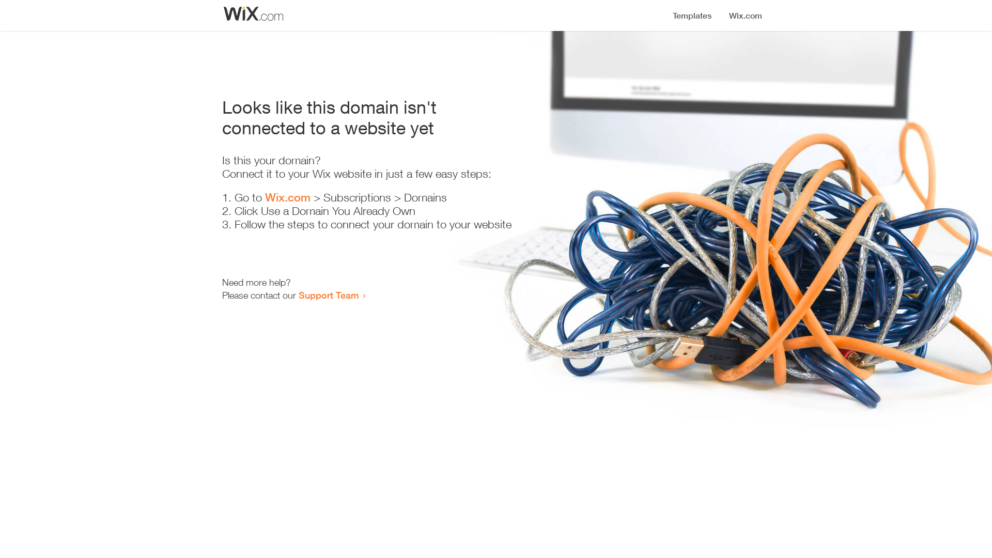 Image resolution: width=992 pixels, height=558 pixels. Describe the element at coordinates (328, 295) in the screenshot. I see `'Support Team'` at that location.